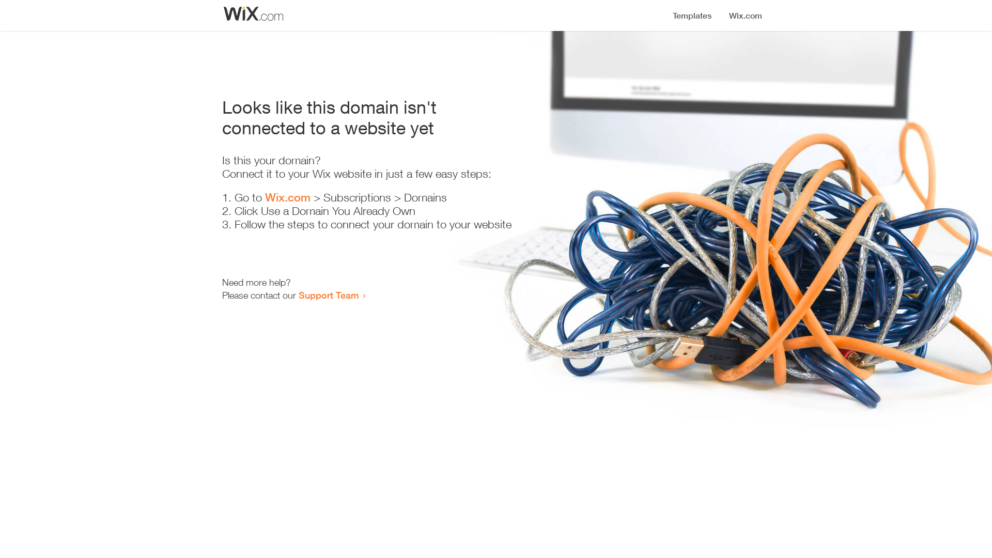 Image resolution: width=992 pixels, height=558 pixels. Describe the element at coordinates (328, 295) in the screenshot. I see `'Support Team'` at that location.